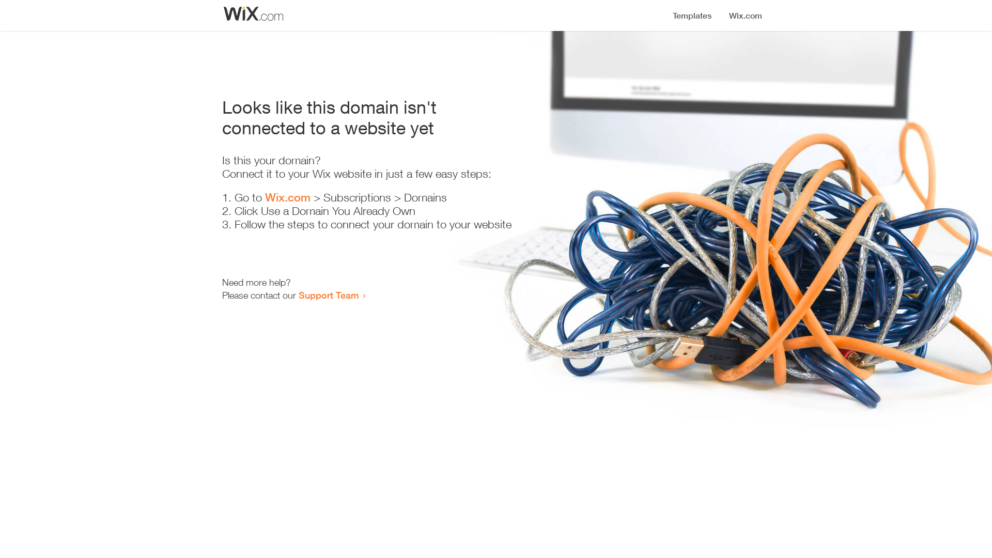 Image resolution: width=992 pixels, height=558 pixels. Describe the element at coordinates (328, 295) in the screenshot. I see `'Support Team'` at that location.